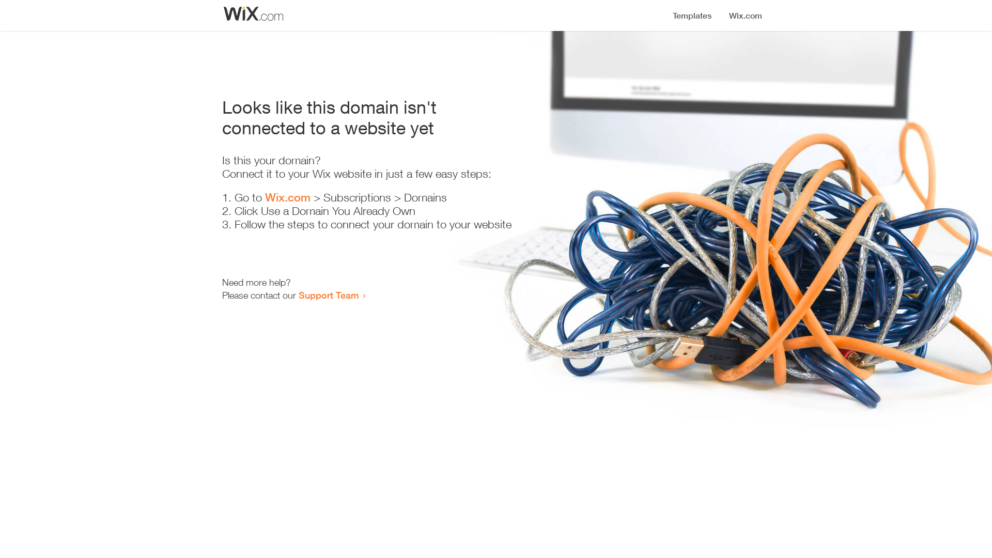 Image resolution: width=992 pixels, height=558 pixels. Describe the element at coordinates (328, 295) in the screenshot. I see `'Support Team'` at that location.